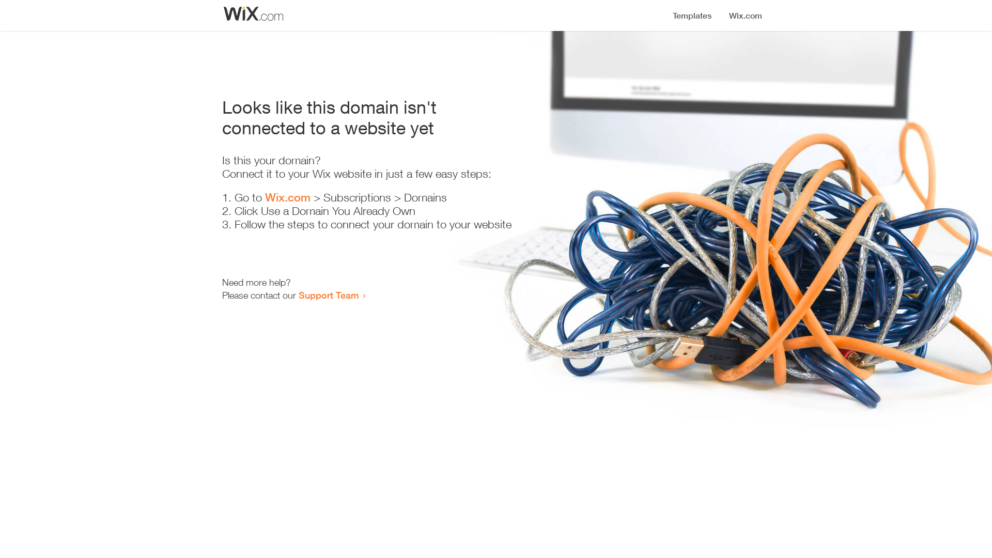 Image resolution: width=992 pixels, height=558 pixels. Describe the element at coordinates (328, 295) in the screenshot. I see `'Support Team'` at that location.